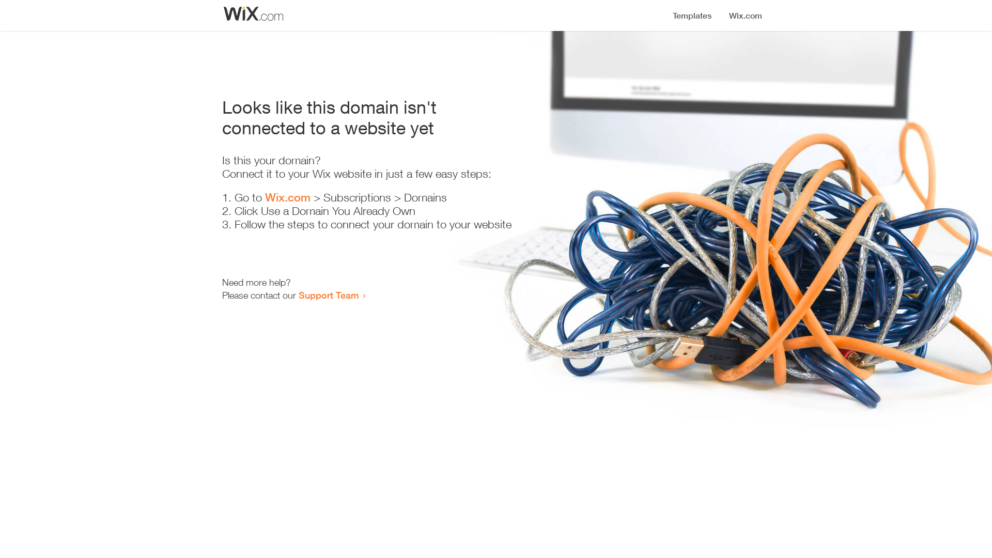 Image resolution: width=992 pixels, height=558 pixels. Describe the element at coordinates (328, 295) in the screenshot. I see `'Support Team'` at that location.